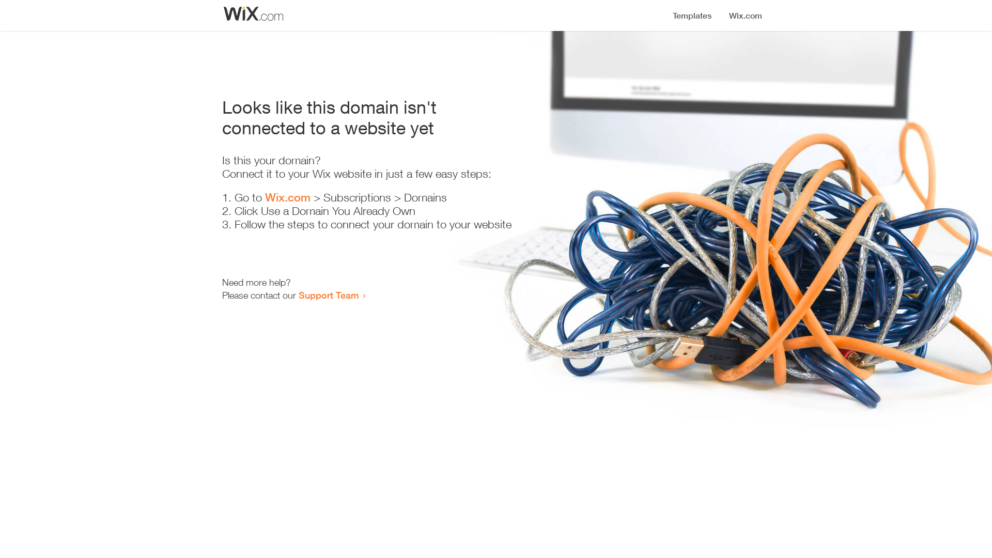 Image resolution: width=992 pixels, height=558 pixels. Describe the element at coordinates (328, 295) in the screenshot. I see `'Support Team'` at that location.